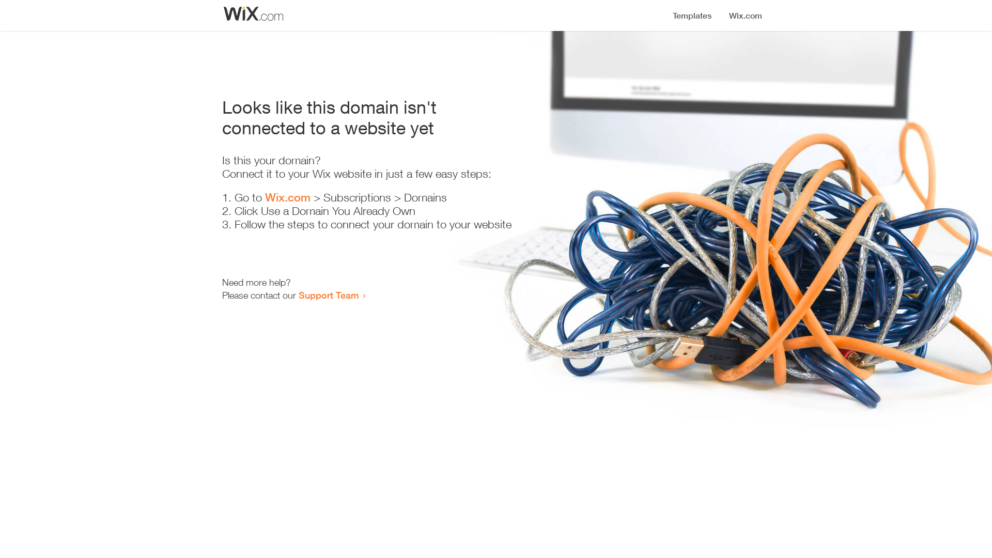 Image resolution: width=992 pixels, height=558 pixels. Describe the element at coordinates (328, 295) in the screenshot. I see `'Support Team'` at that location.